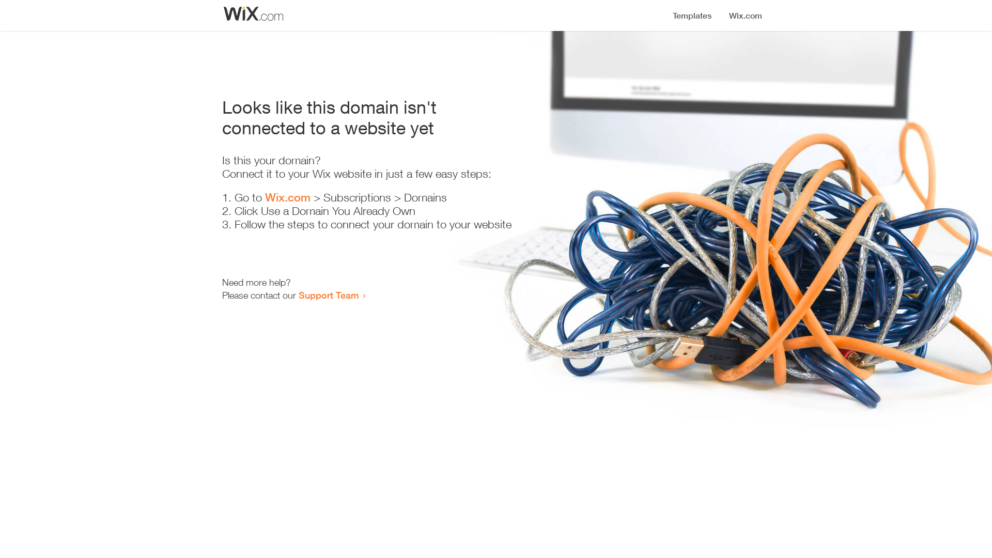 Image resolution: width=992 pixels, height=558 pixels. Describe the element at coordinates (328, 295) in the screenshot. I see `'Support Team'` at that location.